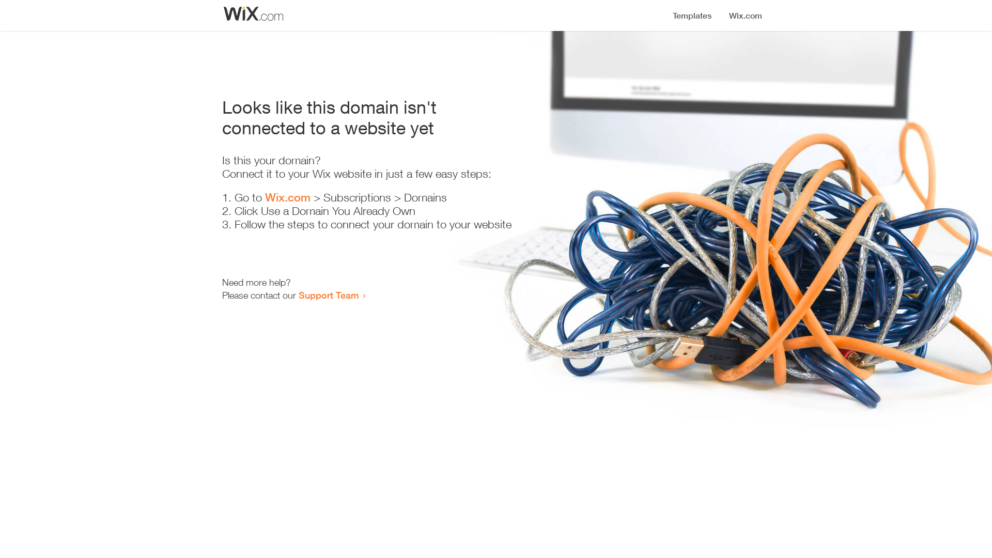 Image resolution: width=992 pixels, height=558 pixels. Describe the element at coordinates (328, 295) in the screenshot. I see `'Support Team'` at that location.